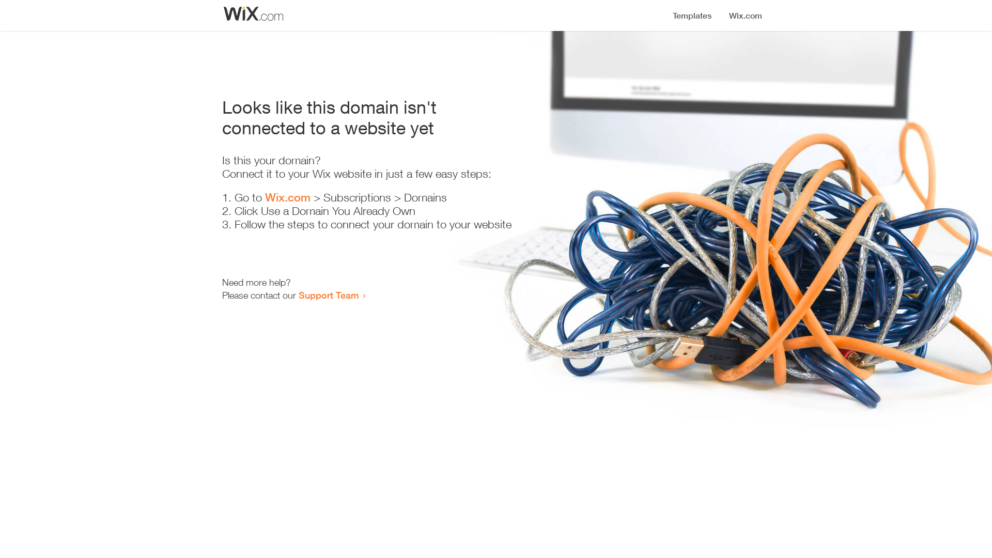 Image resolution: width=992 pixels, height=558 pixels. Describe the element at coordinates (328, 295) in the screenshot. I see `'Support Team'` at that location.